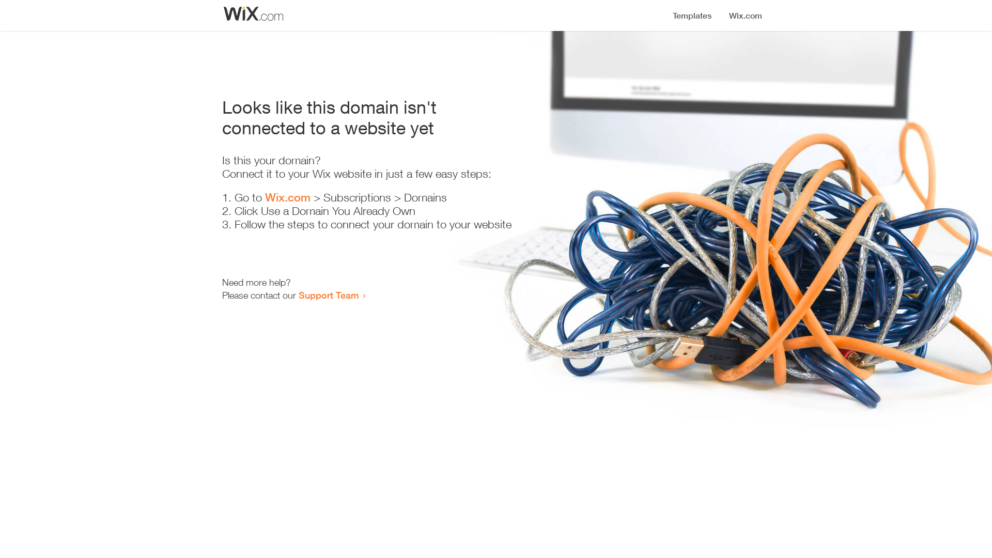 Image resolution: width=992 pixels, height=558 pixels. Describe the element at coordinates (328, 295) in the screenshot. I see `'Support Team'` at that location.